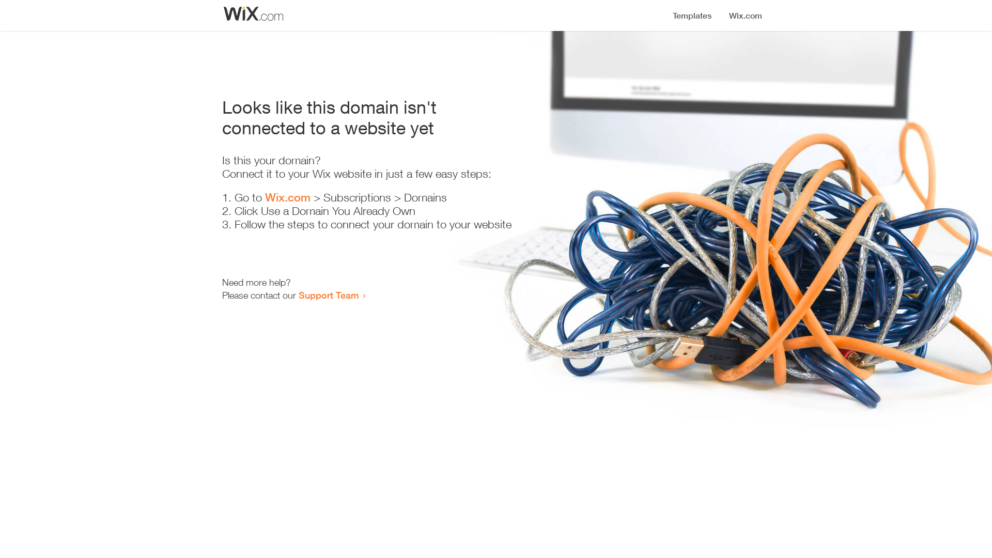 Image resolution: width=992 pixels, height=558 pixels. Describe the element at coordinates (328, 295) in the screenshot. I see `'Support Team'` at that location.